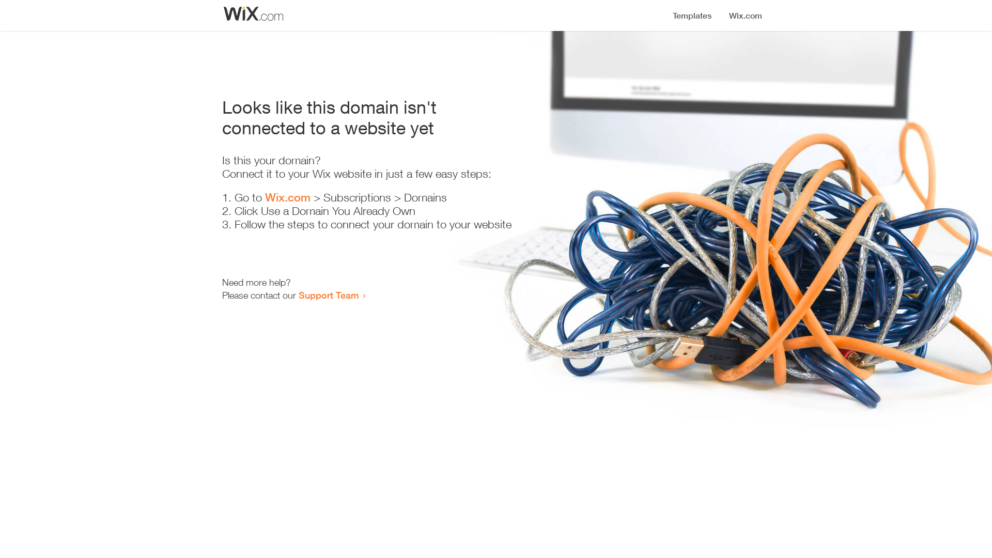 Image resolution: width=992 pixels, height=558 pixels. Describe the element at coordinates (328, 295) in the screenshot. I see `'Support Team'` at that location.